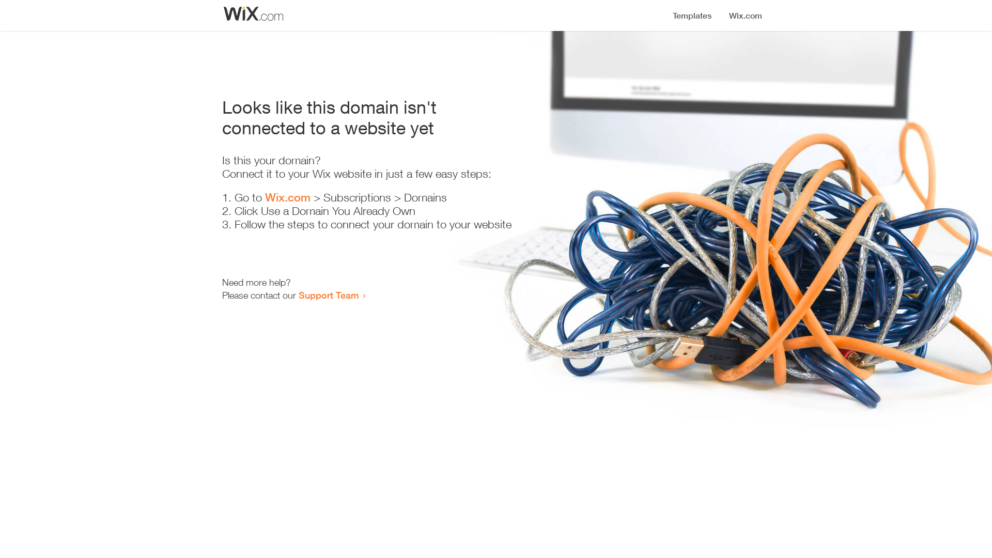 Image resolution: width=992 pixels, height=558 pixels. Describe the element at coordinates (328, 295) in the screenshot. I see `'Support Team'` at that location.